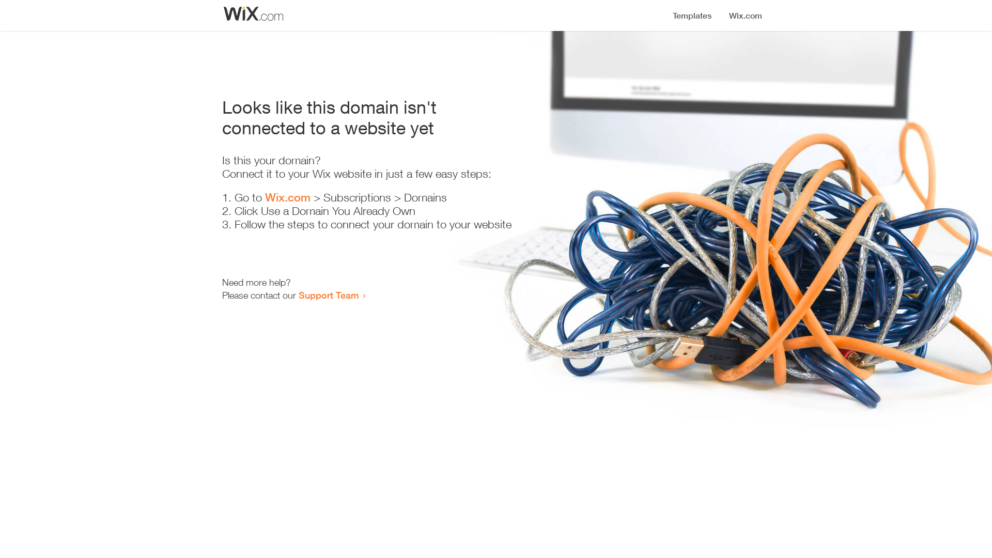 Image resolution: width=992 pixels, height=558 pixels. Describe the element at coordinates (328, 295) in the screenshot. I see `'Support Team'` at that location.